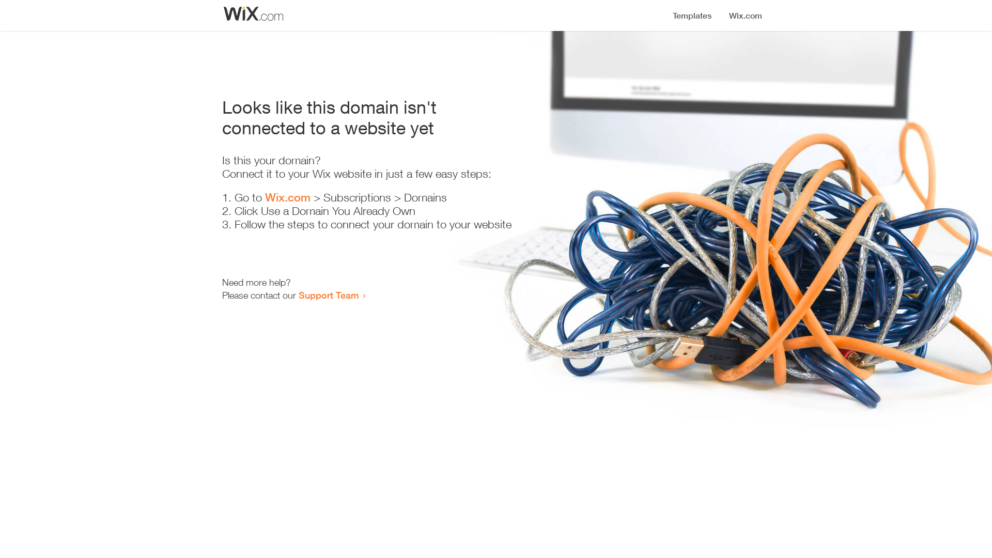 Image resolution: width=992 pixels, height=558 pixels. Describe the element at coordinates (328, 295) in the screenshot. I see `'Support Team'` at that location.